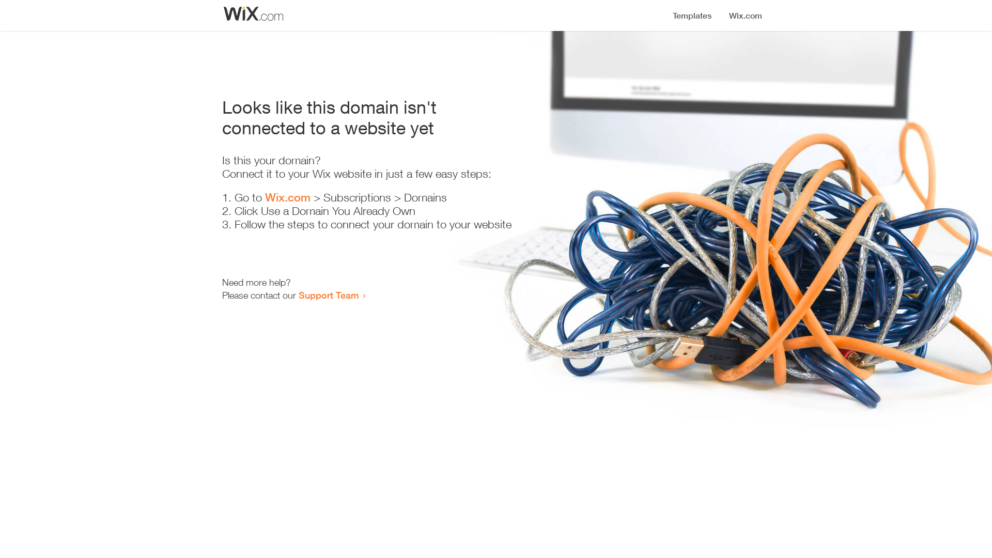 Image resolution: width=992 pixels, height=558 pixels. Describe the element at coordinates (328, 295) in the screenshot. I see `'Support Team'` at that location.